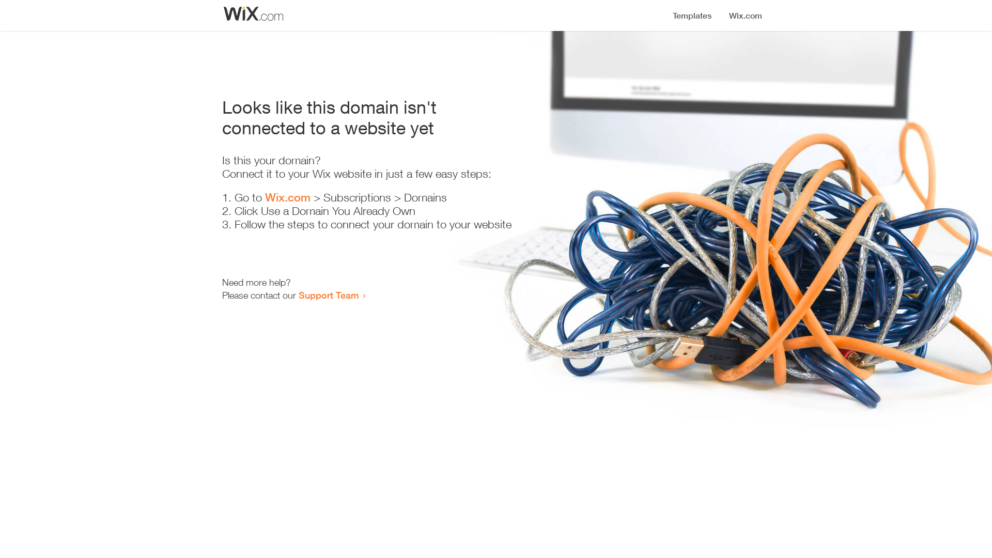 Image resolution: width=992 pixels, height=558 pixels. Describe the element at coordinates (328, 295) in the screenshot. I see `'Support Team'` at that location.